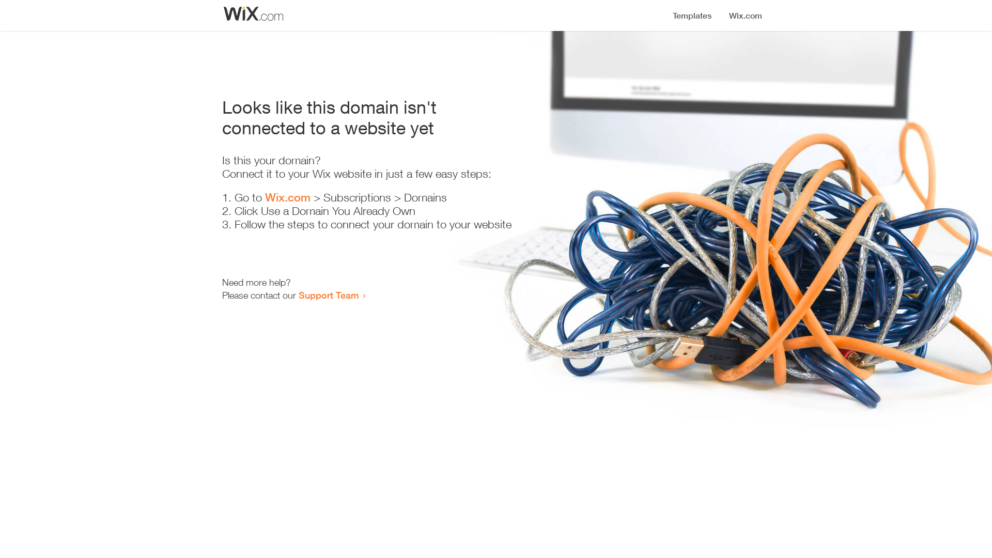 Image resolution: width=992 pixels, height=558 pixels. Describe the element at coordinates (328, 295) in the screenshot. I see `'Support Team'` at that location.